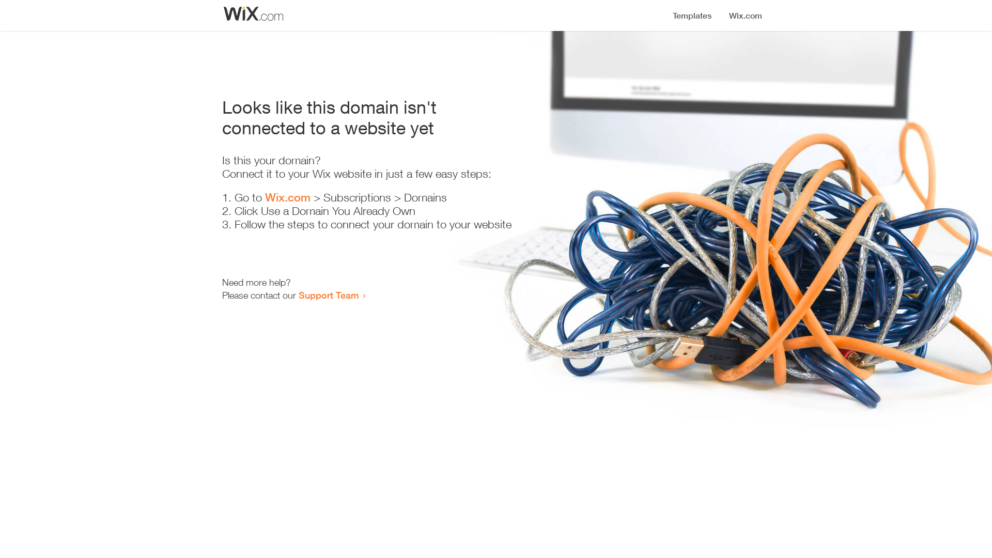 Image resolution: width=992 pixels, height=558 pixels. Describe the element at coordinates (328, 295) in the screenshot. I see `'Support Team'` at that location.